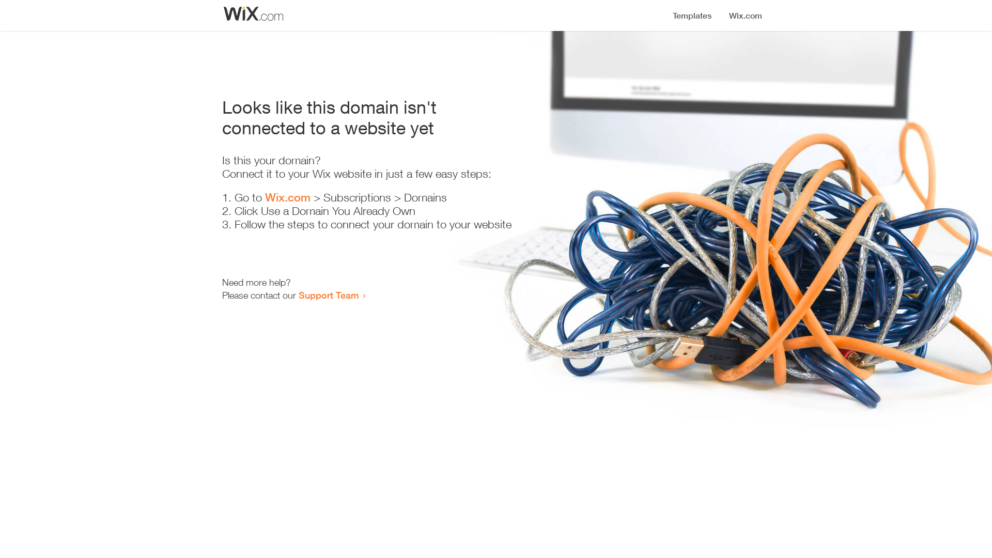 Image resolution: width=992 pixels, height=558 pixels. Describe the element at coordinates (328, 295) in the screenshot. I see `'Support Team'` at that location.